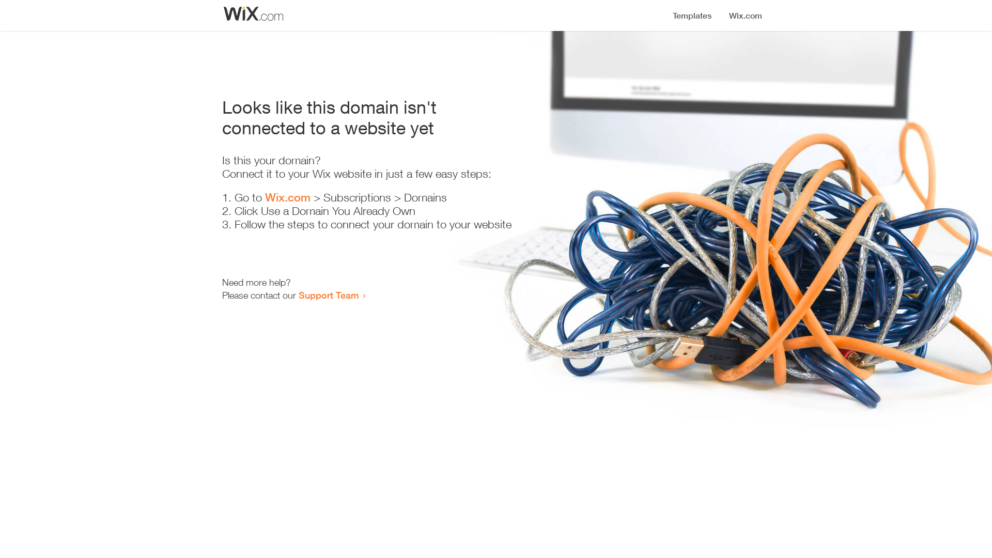 Image resolution: width=992 pixels, height=558 pixels. Describe the element at coordinates (328, 295) in the screenshot. I see `'Support Team'` at that location.